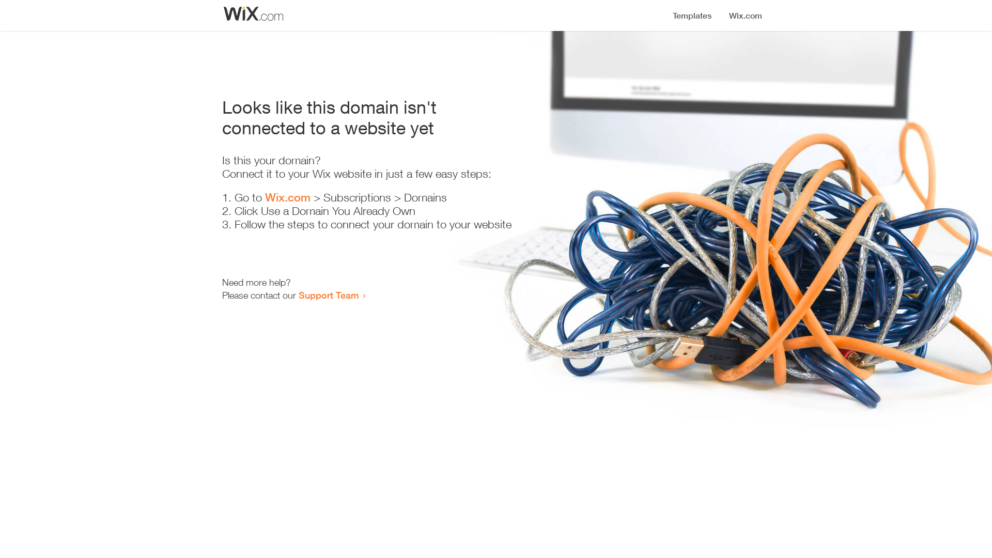 Image resolution: width=992 pixels, height=558 pixels. Describe the element at coordinates (328, 295) in the screenshot. I see `'Support Team'` at that location.